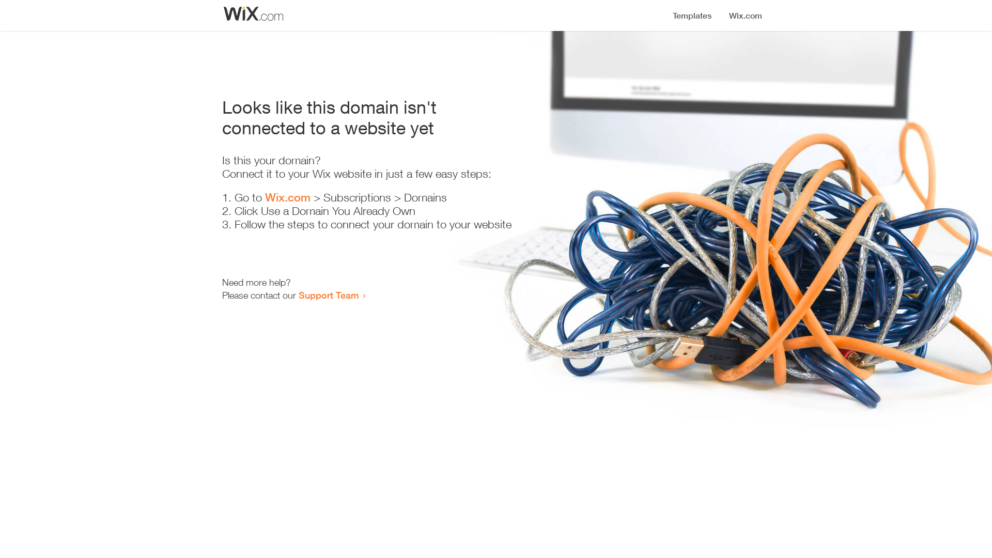 Image resolution: width=992 pixels, height=558 pixels. Describe the element at coordinates (328, 295) in the screenshot. I see `'Support Team'` at that location.